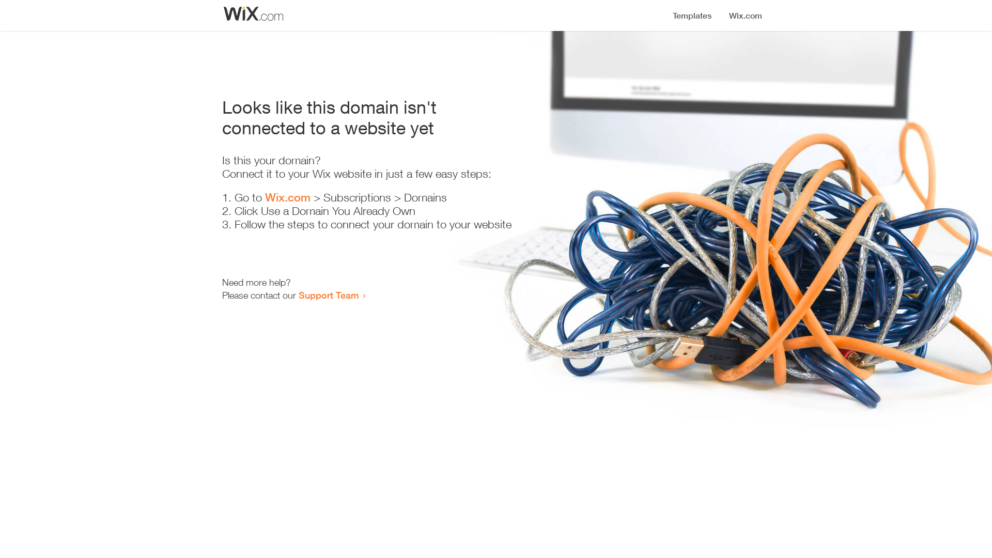 Image resolution: width=992 pixels, height=558 pixels. Describe the element at coordinates (328, 295) in the screenshot. I see `'Support Team'` at that location.